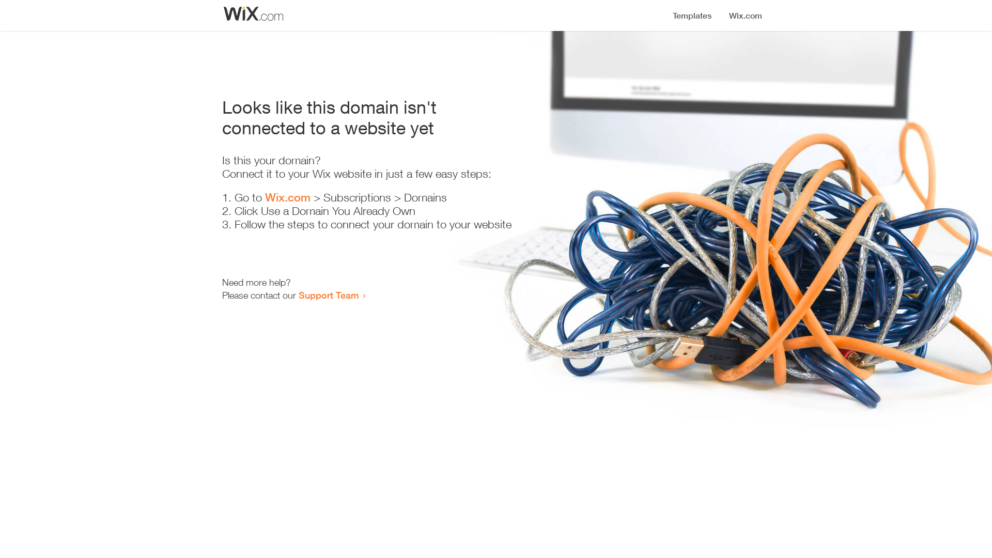 Image resolution: width=992 pixels, height=558 pixels. Describe the element at coordinates (328, 295) in the screenshot. I see `'Support Team'` at that location.